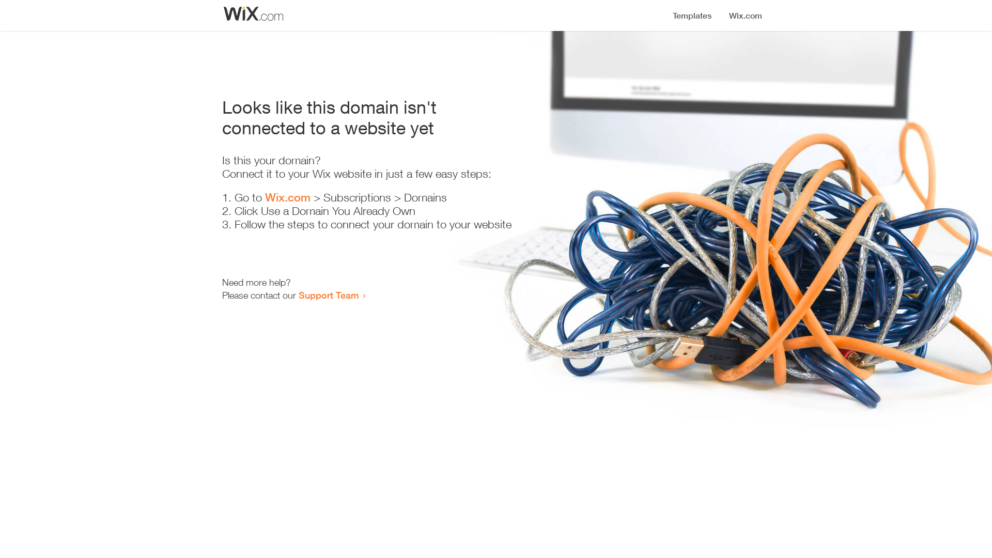 Image resolution: width=992 pixels, height=558 pixels. Describe the element at coordinates (328, 295) in the screenshot. I see `'Support Team'` at that location.